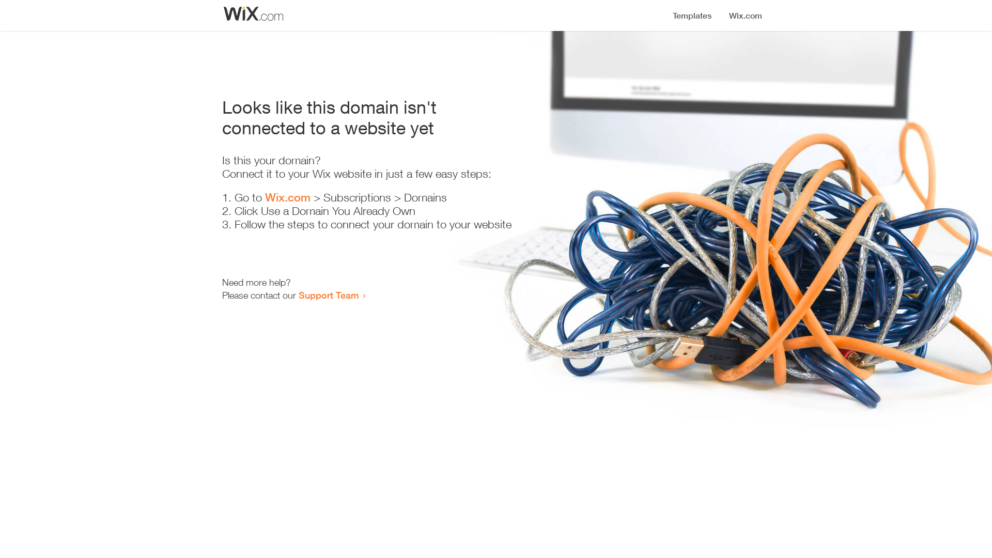 Image resolution: width=992 pixels, height=558 pixels. Describe the element at coordinates (328, 295) in the screenshot. I see `'Support Team'` at that location.